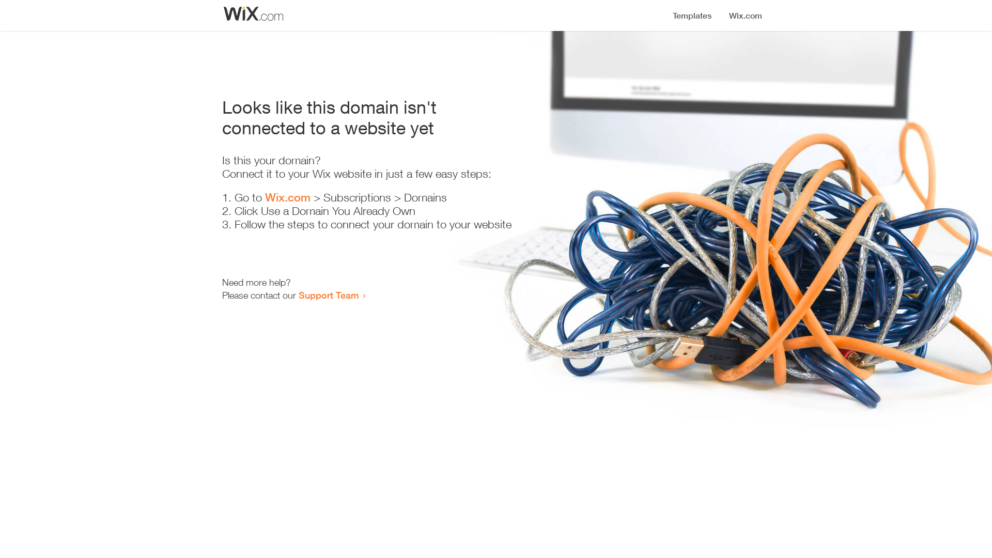 Image resolution: width=992 pixels, height=558 pixels. Describe the element at coordinates (328, 295) in the screenshot. I see `'Support Team'` at that location.